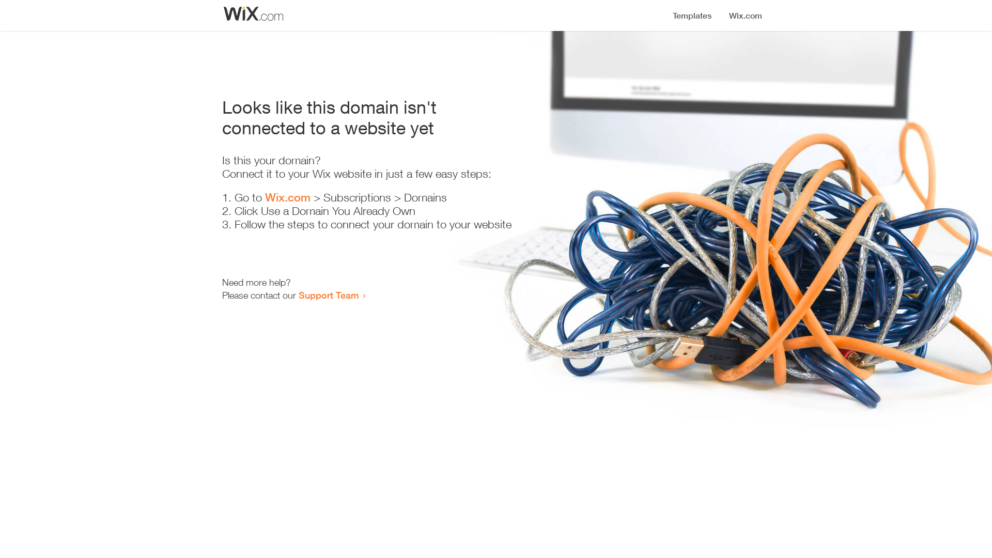 Image resolution: width=992 pixels, height=558 pixels. Describe the element at coordinates (328, 295) in the screenshot. I see `'Support Team'` at that location.